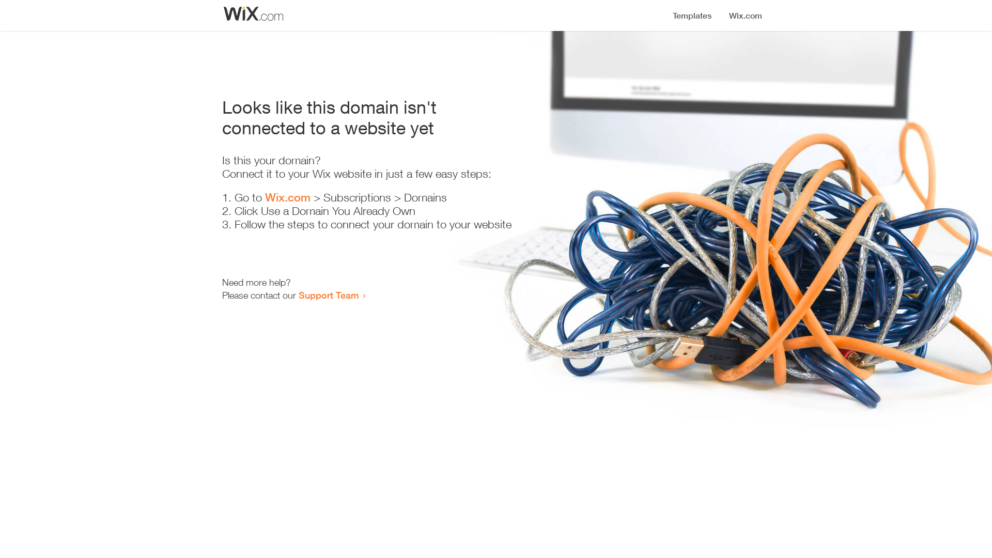 Image resolution: width=992 pixels, height=558 pixels. Describe the element at coordinates (328, 295) in the screenshot. I see `'Support Team'` at that location.